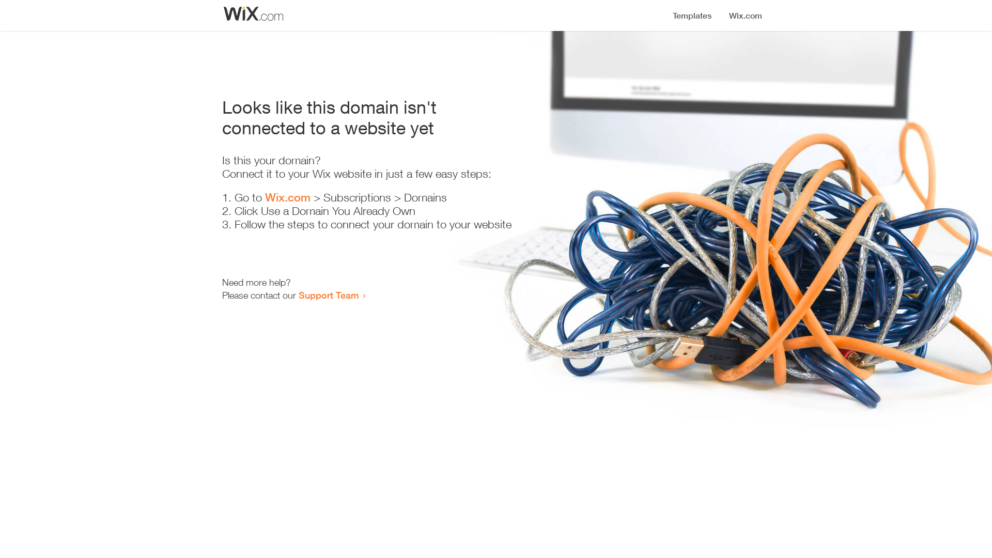 Image resolution: width=992 pixels, height=558 pixels. Describe the element at coordinates (328, 295) in the screenshot. I see `'Support Team'` at that location.